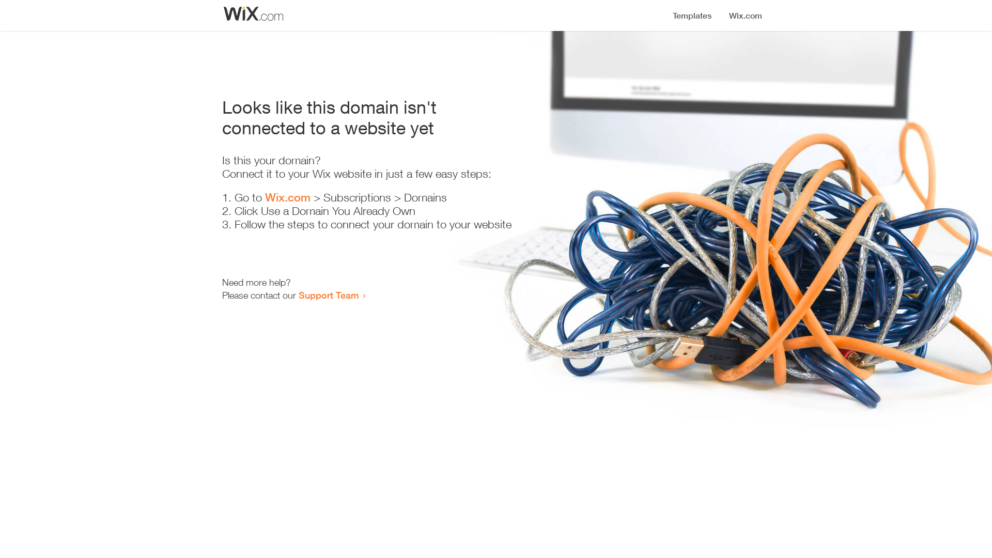 Image resolution: width=992 pixels, height=558 pixels. Describe the element at coordinates (328, 295) in the screenshot. I see `'Support Team'` at that location.